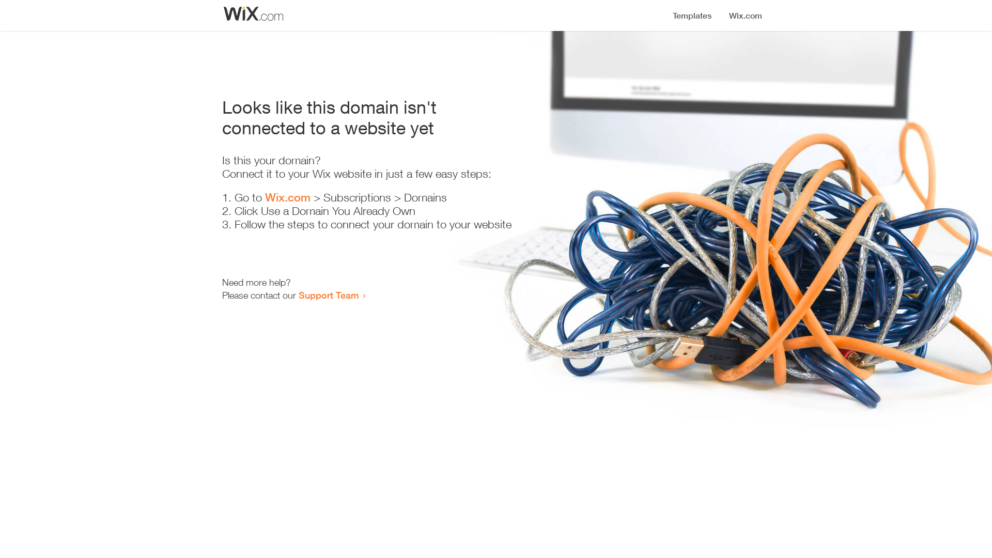 Image resolution: width=992 pixels, height=558 pixels. Describe the element at coordinates (328, 295) in the screenshot. I see `'Support Team'` at that location.